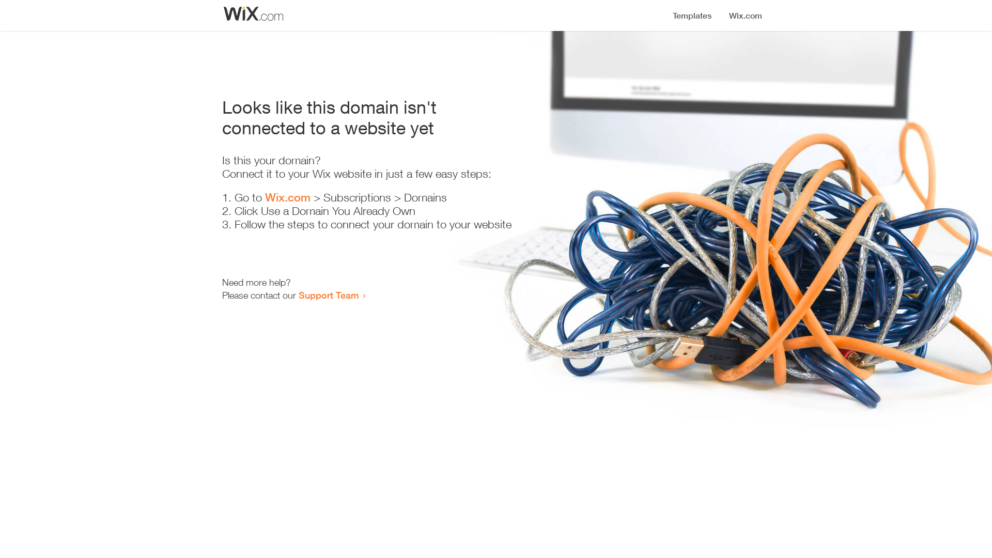 Image resolution: width=992 pixels, height=558 pixels. Describe the element at coordinates (328, 295) in the screenshot. I see `'Support Team'` at that location.